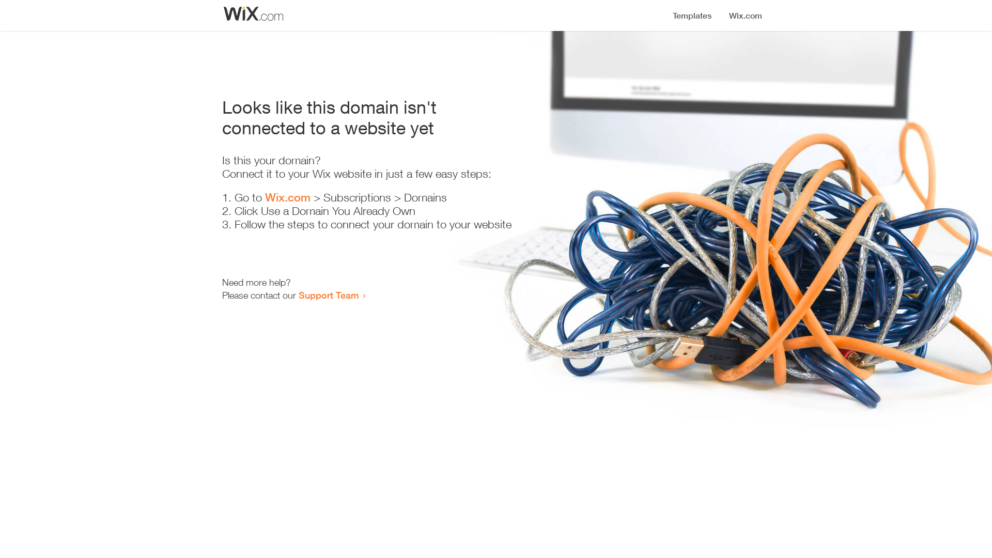 Image resolution: width=992 pixels, height=558 pixels. Describe the element at coordinates (328, 295) in the screenshot. I see `'Support Team'` at that location.